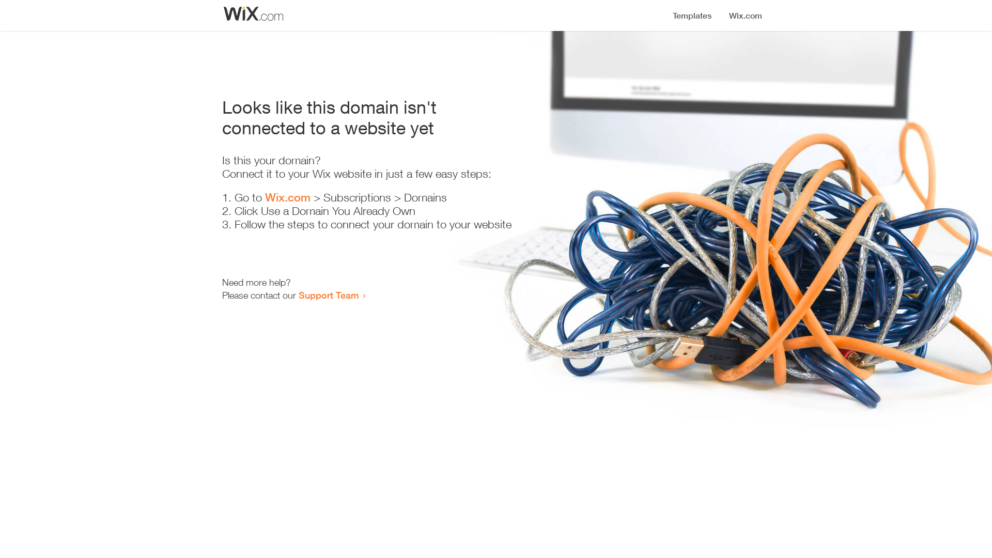 Image resolution: width=992 pixels, height=558 pixels. Describe the element at coordinates (328, 295) in the screenshot. I see `'Support Team'` at that location.